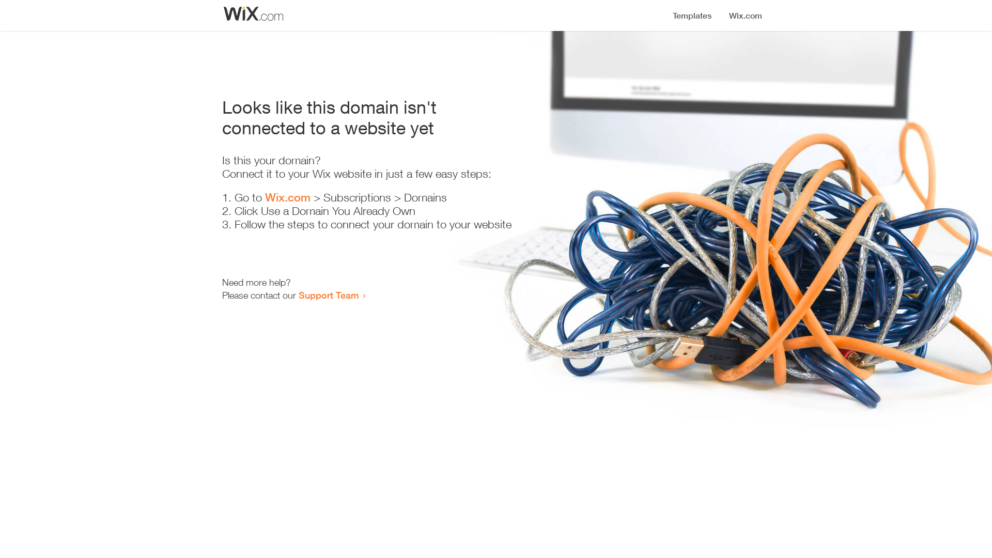 Image resolution: width=992 pixels, height=558 pixels. Describe the element at coordinates (328, 295) in the screenshot. I see `'Support Team'` at that location.